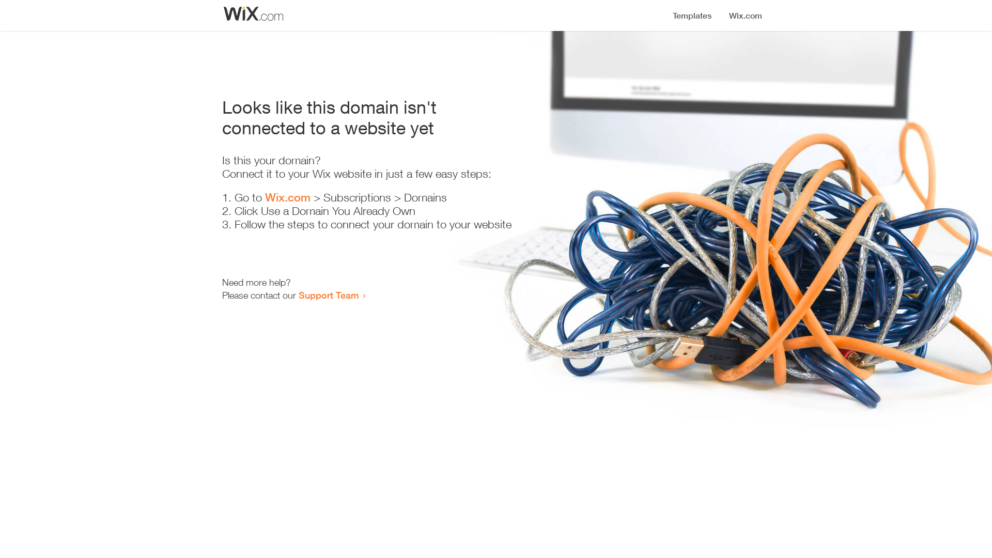 Image resolution: width=992 pixels, height=558 pixels. Describe the element at coordinates (328, 295) in the screenshot. I see `'Support Team'` at that location.